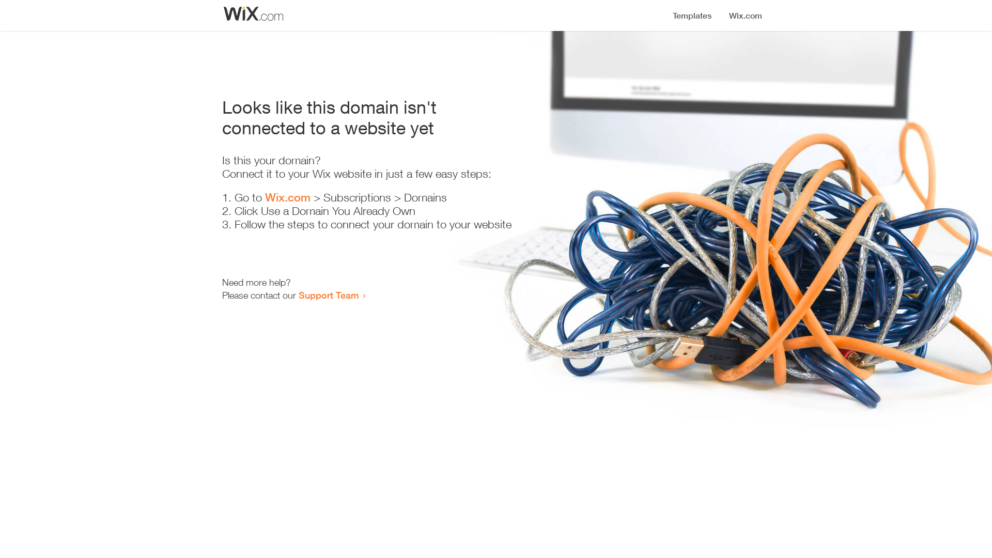 Image resolution: width=992 pixels, height=558 pixels. Describe the element at coordinates (328, 295) in the screenshot. I see `'Support Team'` at that location.